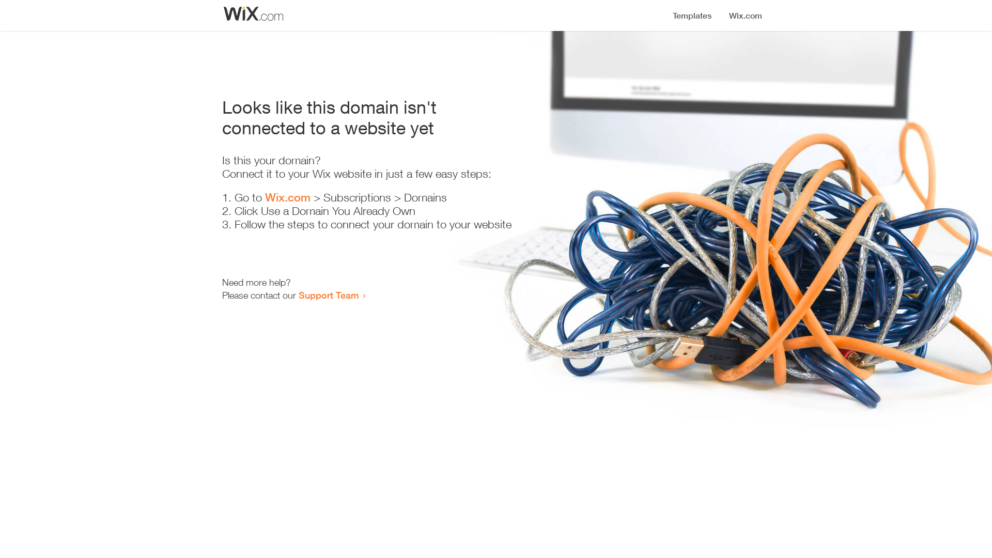 Image resolution: width=992 pixels, height=558 pixels. Describe the element at coordinates (328, 295) in the screenshot. I see `'Support Team'` at that location.